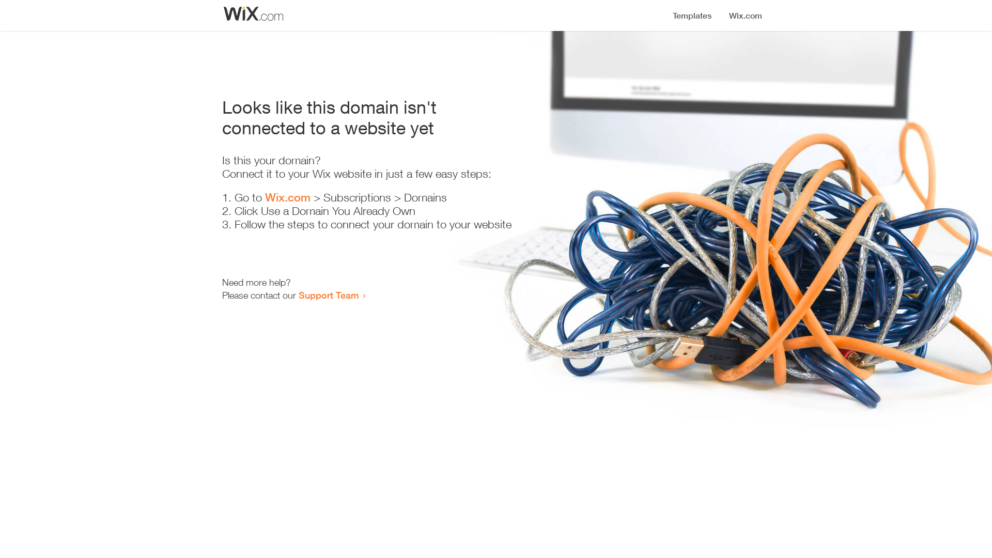 Image resolution: width=992 pixels, height=558 pixels. Describe the element at coordinates (328, 295) in the screenshot. I see `'Support Team'` at that location.